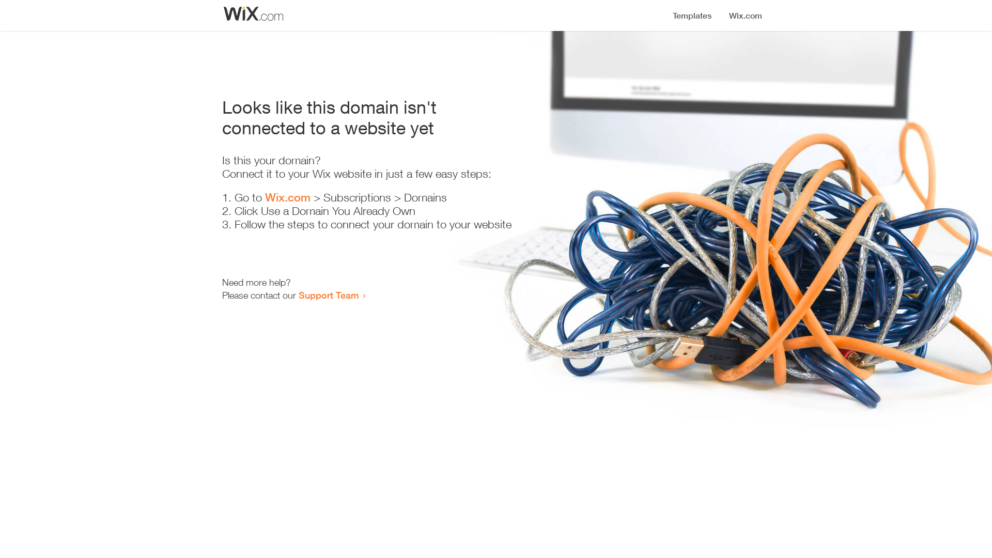 Image resolution: width=992 pixels, height=558 pixels. Describe the element at coordinates (328, 295) in the screenshot. I see `'Support Team'` at that location.